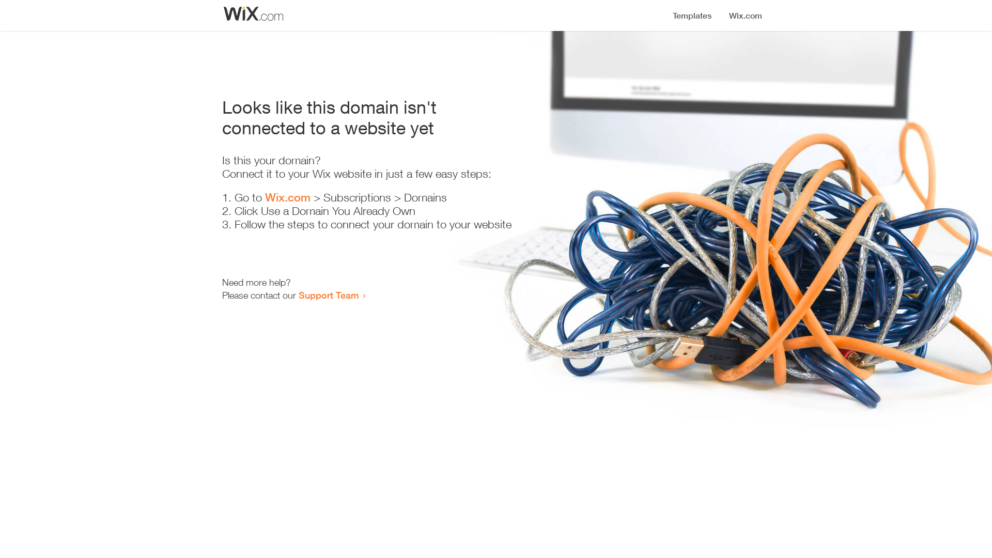 Image resolution: width=992 pixels, height=558 pixels. Describe the element at coordinates (328, 295) in the screenshot. I see `'Support Team'` at that location.